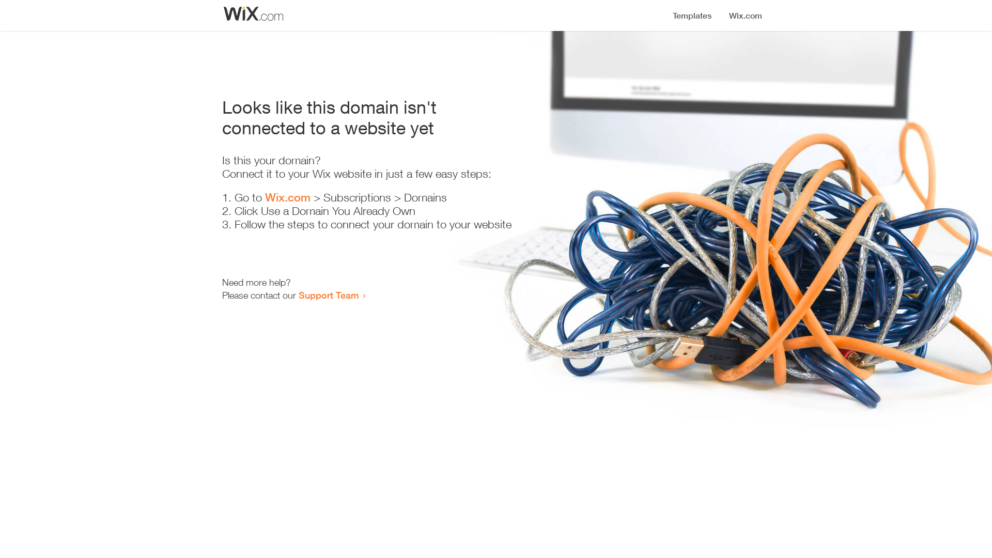 Image resolution: width=992 pixels, height=558 pixels. Describe the element at coordinates (328, 295) in the screenshot. I see `'Support Team'` at that location.